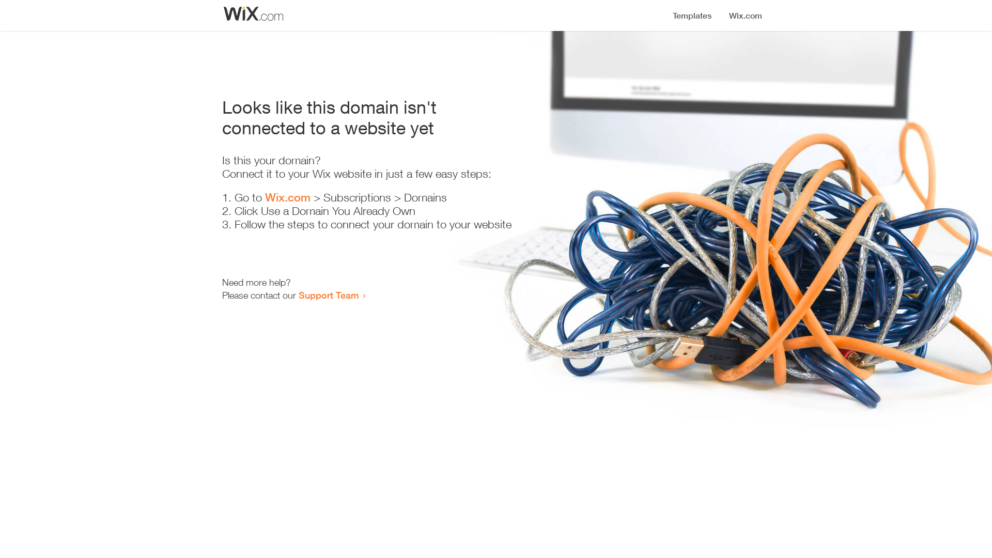 Image resolution: width=992 pixels, height=558 pixels. Describe the element at coordinates (328, 295) in the screenshot. I see `'Support Team'` at that location.